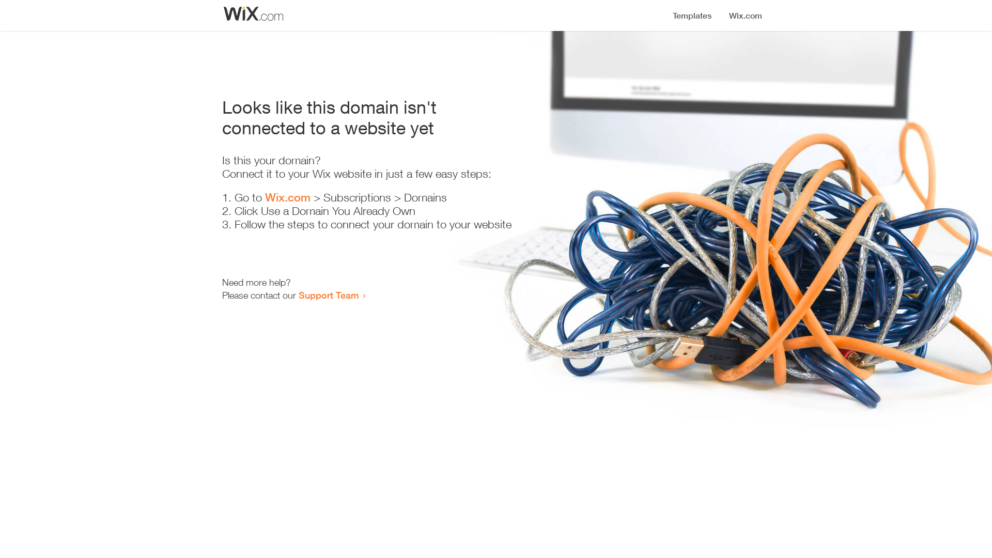 Image resolution: width=992 pixels, height=558 pixels. Describe the element at coordinates (328, 295) in the screenshot. I see `'Support Team'` at that location.